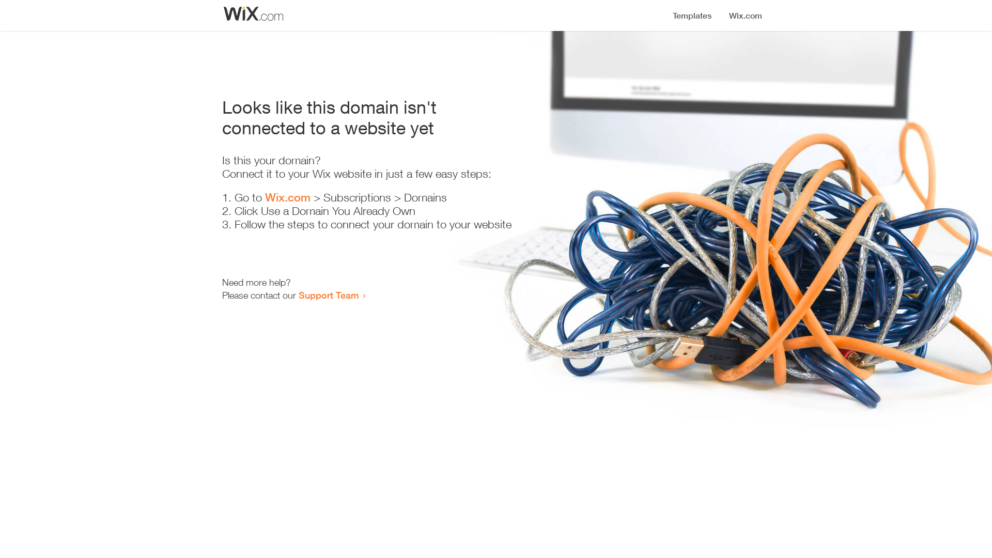 Image resolution: width=992 pixels, height=558 pixels. Describe the element at coordinates (328, 295) in the screenshot. I see `'Support Team'` at that location.